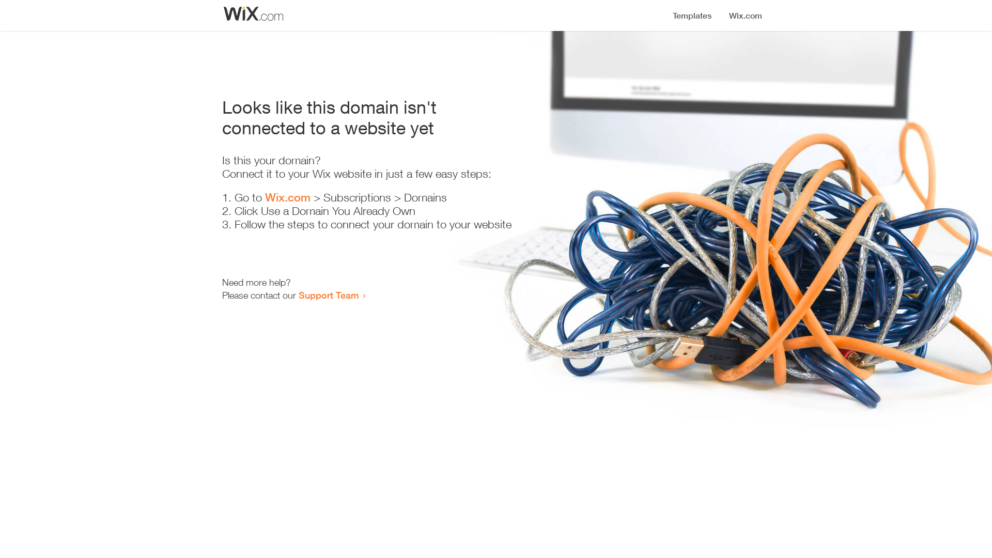 Image resolution: width=992 pixels, height=558 pixels. Describe the element at coordinates (328, 295) in the screenshot. I see `'Support Team'` at that location.